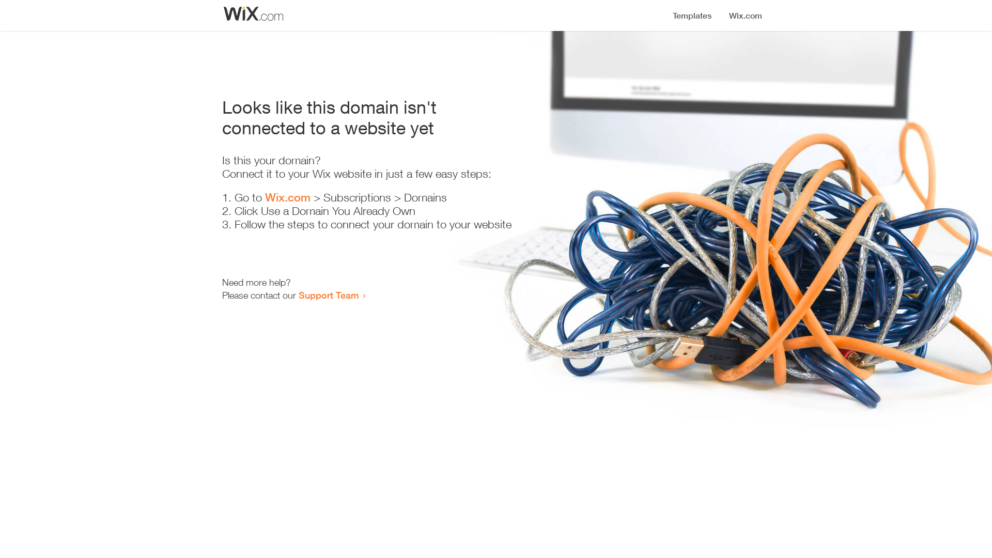 Image resolution: width=992 pixels, height=558 pixels. Describe the element at coordinates (328, 295) in the screenshot. I see `'Support Team'` at that location.